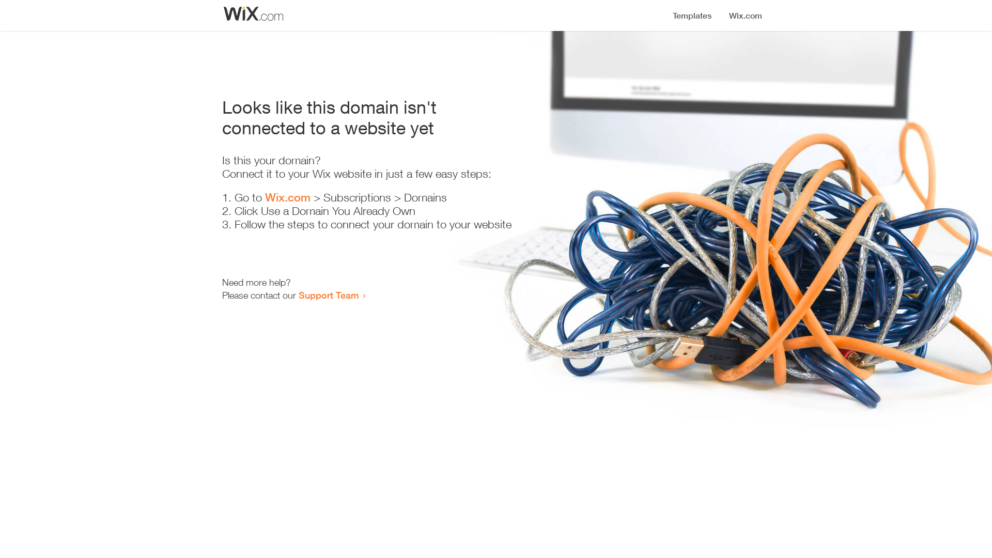 Image resolution: width=992 pixels, height=558 pixels. Describe the element at coordinates (328, 295) in the screenshot. I see `'Support Team'` at that location.